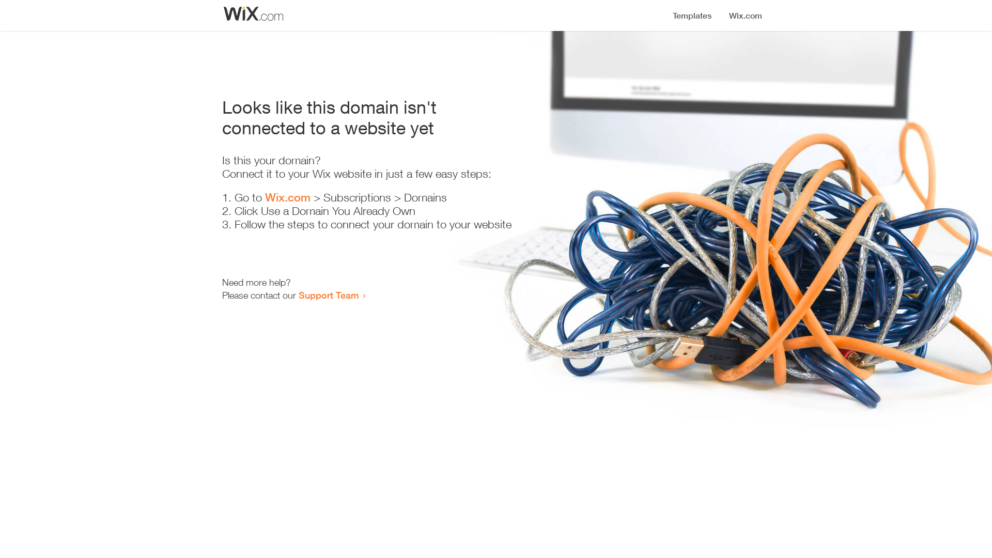 Image resolution: width=992 pixels, height=558 pixels. Describe the element at coordinates (328, 295) in the screenshot. I see `'Support Team'` at that location.